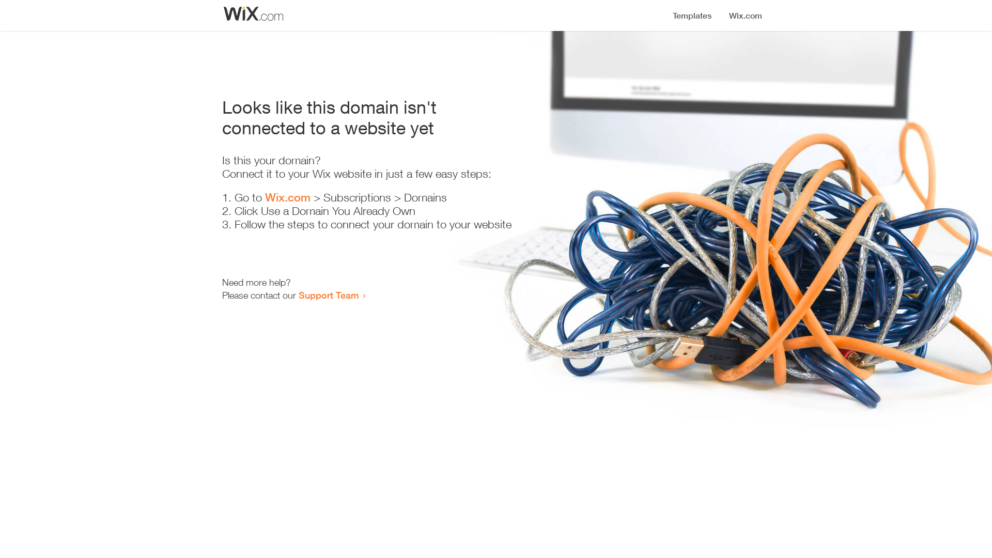 Image resolution: width=992 pixels, height=558 pixels. Describe the element at coordinates (328, 295) in the screenshot. I see `'Support Team'` at that location.